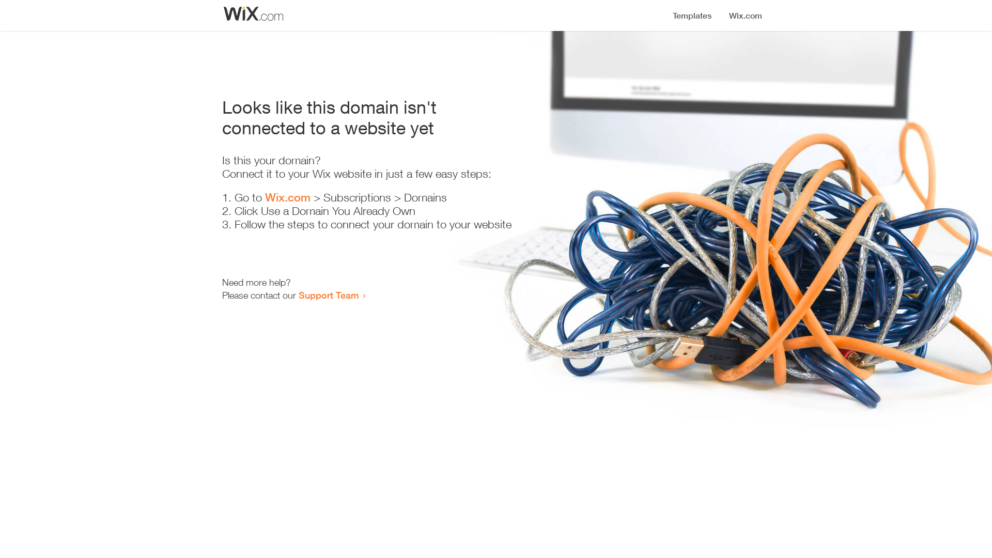 Image resolution: width=992 pixels, height=558 pixels. Describe the element at coordinates (328, 295) in the screenshot. I see `'Support Team'` at that location.